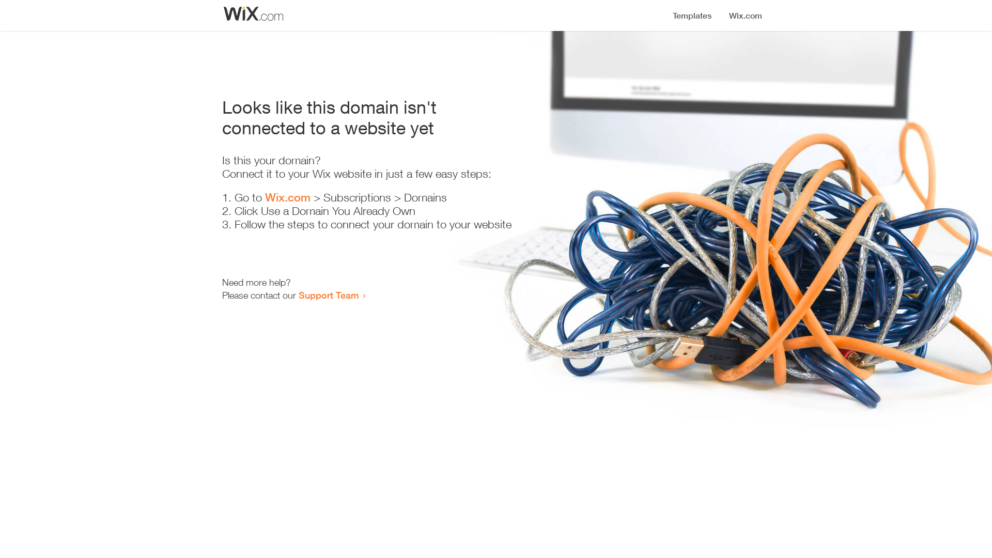 Image resolution: width=992 pixels, height=558 pixels. Describe the element at coordinates (328, 295) in the screenshot. I see `'Support Team'` at that location.